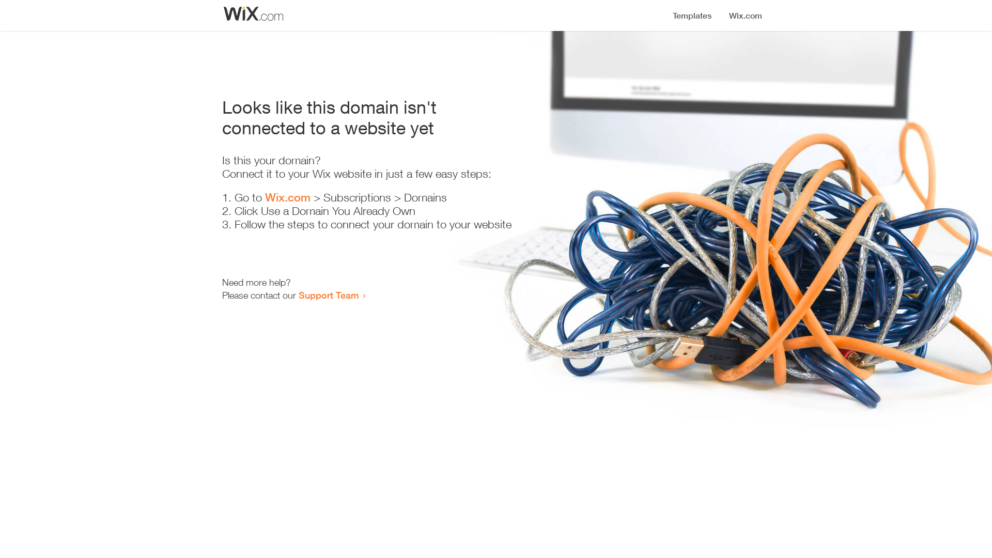 Image resolution: width=992 pixels, height=558 pixels. Describe the element at coordinates (328, 295) in the screenshot. I see `'Support Team'` at that location.